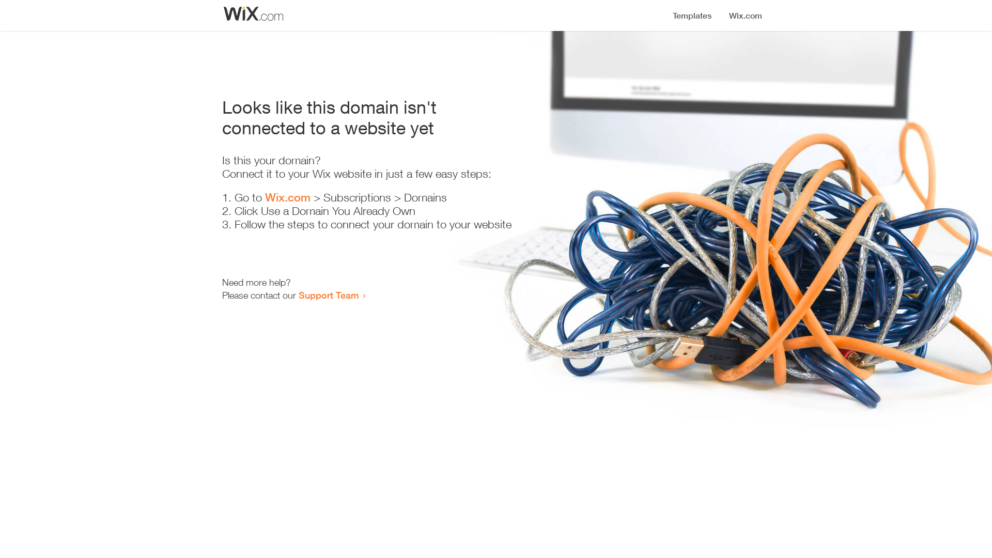 Image resolution: width=992 pixels, height=558 pixels. Describe the element at coordinates (328, 295) in the screenshot. I see `'Support Team'` at that location.